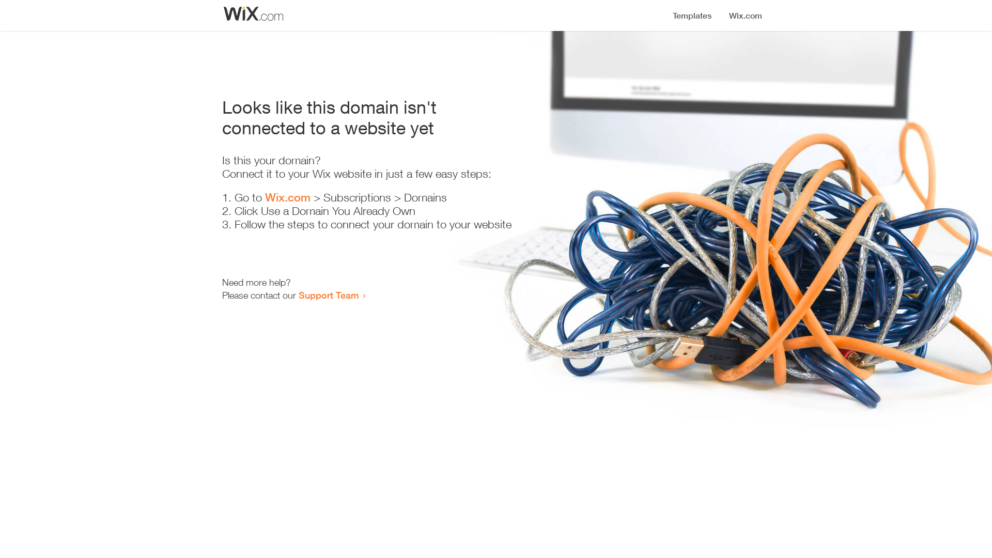 Image resolution: width=992 pixels, height=558 pixels. Describe the element at coordinates (328, 295) in the screenshot. I see `'Support Team'` at that location.